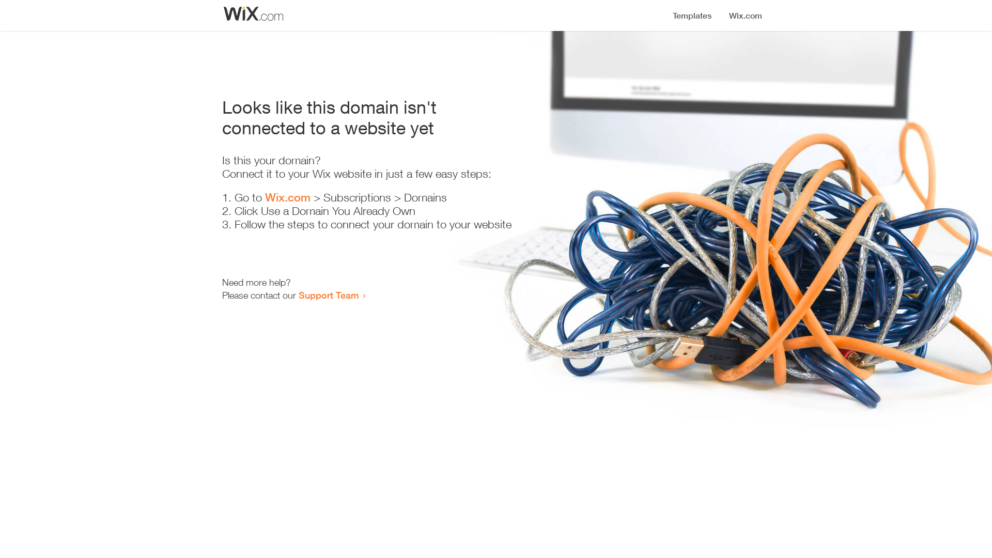 Image resolution: width=992 pixels, height=558 pixels. Describe the element at coordinates (328, 295) in the screenshot. I see `'Support Team'` at that location.